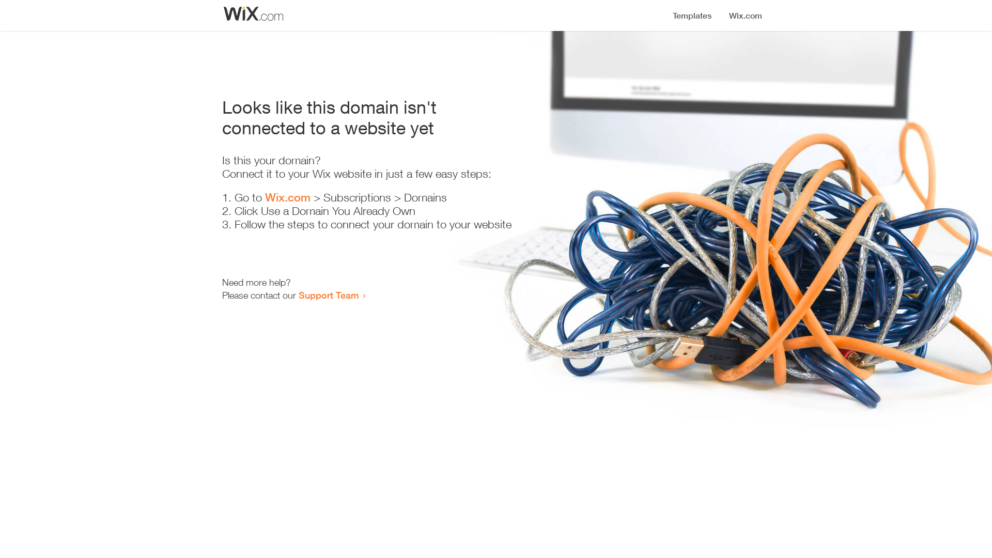 Image resolution: width=992 pixels, height=558 pixels. Describe the element at coordinates (328, 295) in the screenshot. I see `'Support Team'` at that location.